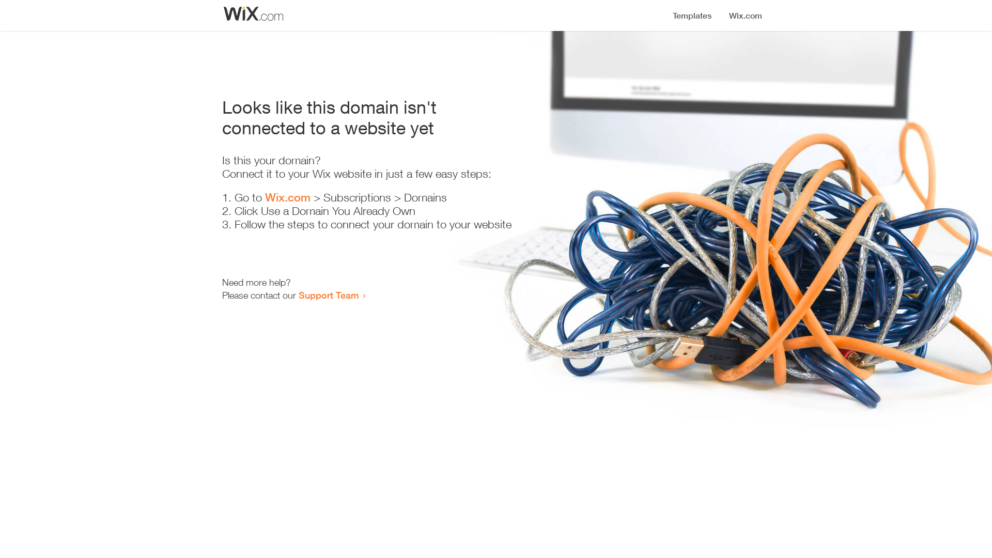 Image resolution: width=992 pixels, height=558 pixels. Describe the element at coordinates (328, 295) in the screenshot. I see `'Support Team'` at that location.